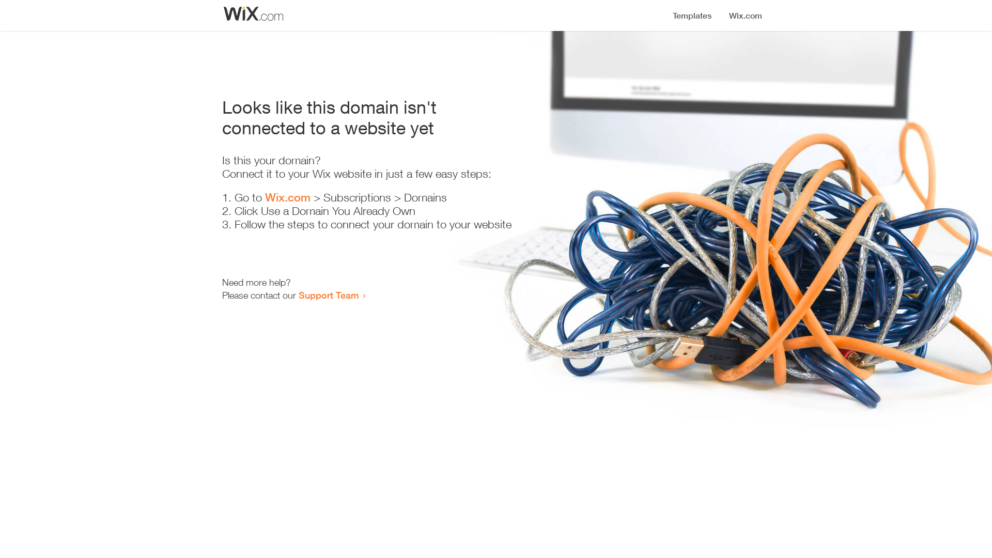 Image resolution: width=992 pixels, height=558 pixels. Describe the element at coordinates (328, 295) in the screenshot. I see `'Support Team'` at that location.